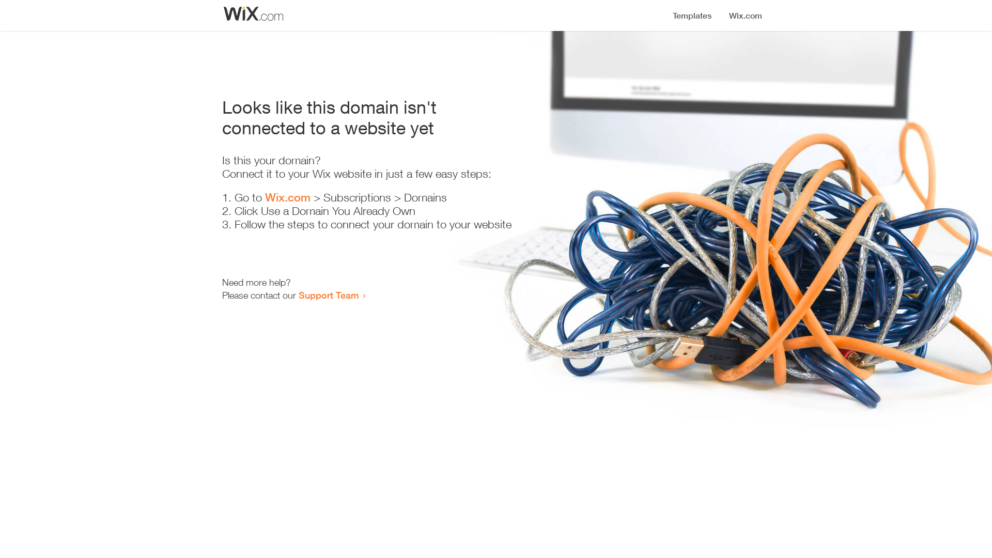 Image resolution: width=992 pixels, height=558 pixels. Describe the element at coordinates (328, 295) in the screenshot. I see `'Support Team'` at that location.